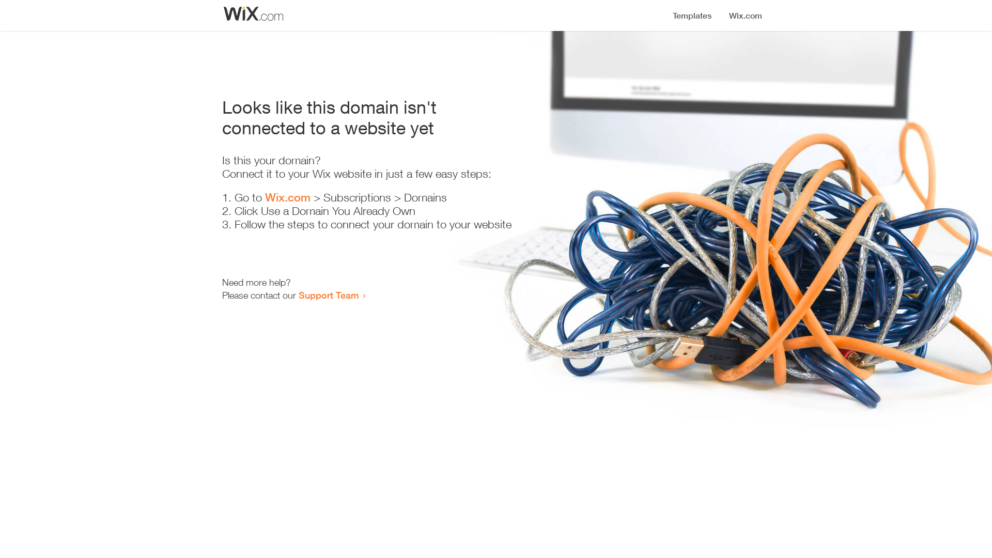 Image resolution: width=992 pixels, height=558 pixels. Describe the element at coordinates (328, 295) in the screenshot. I see `'Support Team'` at that location.